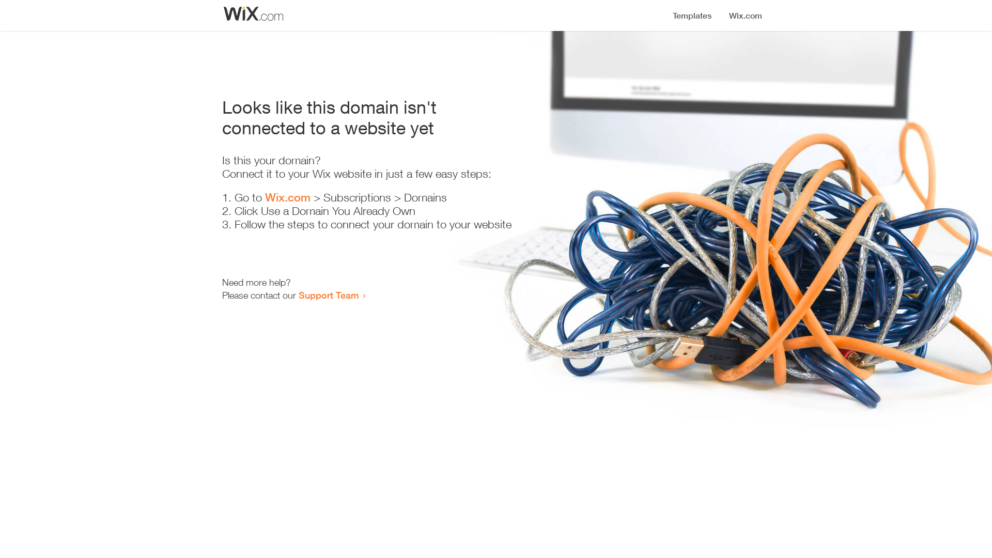 Image resolution: width=992 pixels, height=558 pixels. Describe the element at coordinates (328, 295) in the screenshot. I see `'Support Team'` at that location.